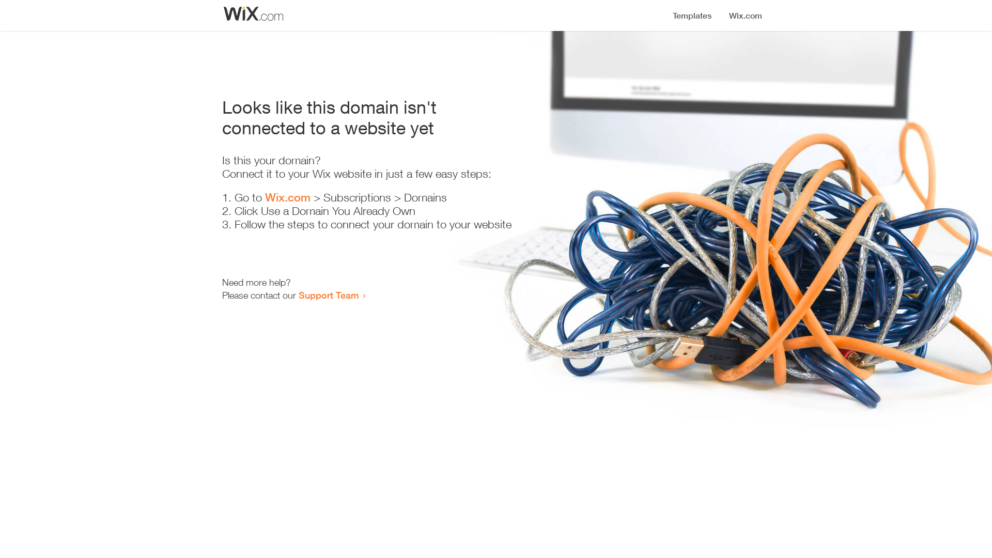 Image resolution: width=992 pixels, height=558 pixels. Describe the element at coordinates (328, 295) in the screenshot. I see `'Support Team'` at that location.